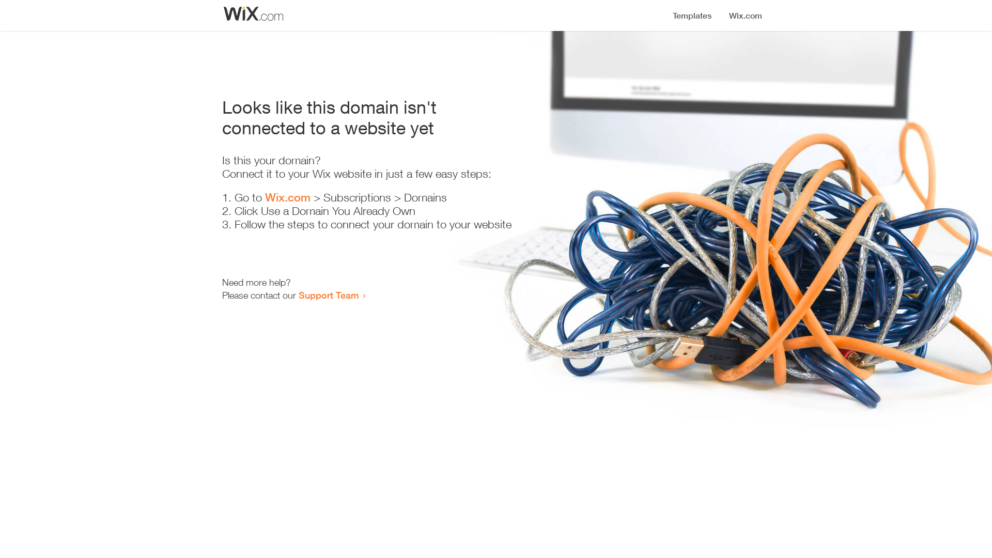 Image resolution: width=992 pixels, height=558 pixels. Describe the element at coordinates (328, 295) in the screenshot. I see `'Support Team'` at that location.